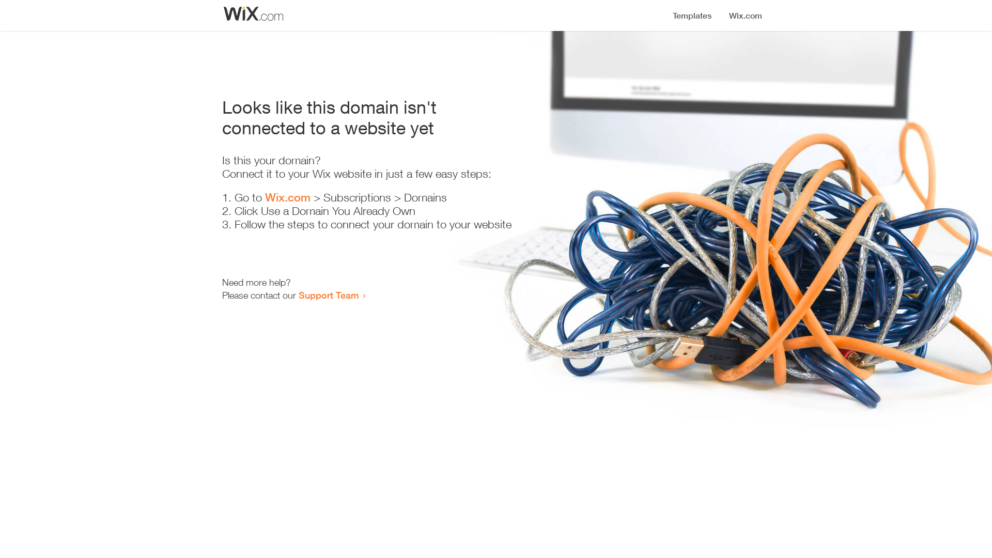 Image resolution: width=992 pixels, height=558 pixels. Describe the element at coordinates (328, 295) in the screenshot. I see `'Support Team'` at that location.